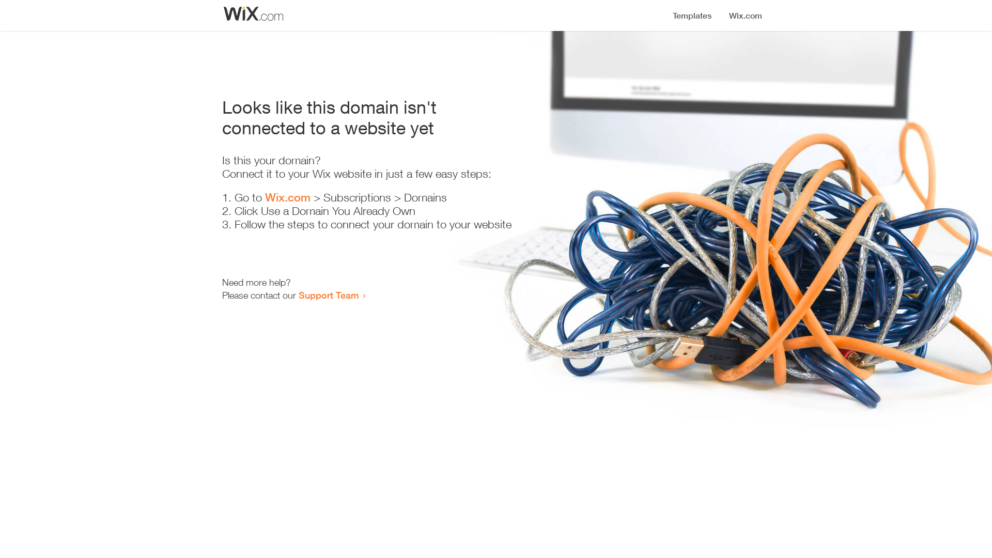 Image resolution: width=992 pixels, height=558 pixels. Describe the element at coordinates (328, 295) in the screenshot. I see `'Support Team'` at that location.